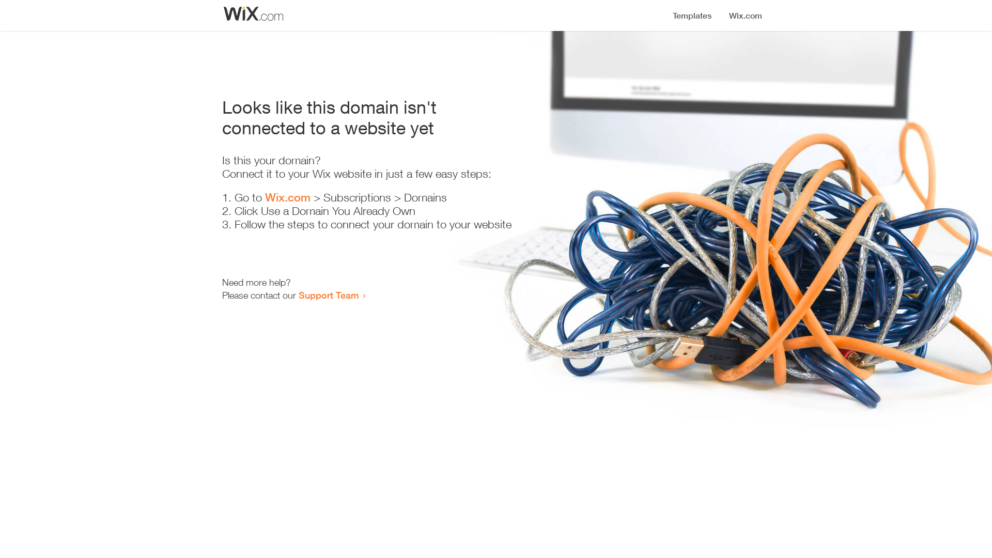 Image resolution: width=992 pixels, height=558 pixels. Describe the element at coordinates (328, 295) in the screenshot. I see `'Support Team'` at that location.